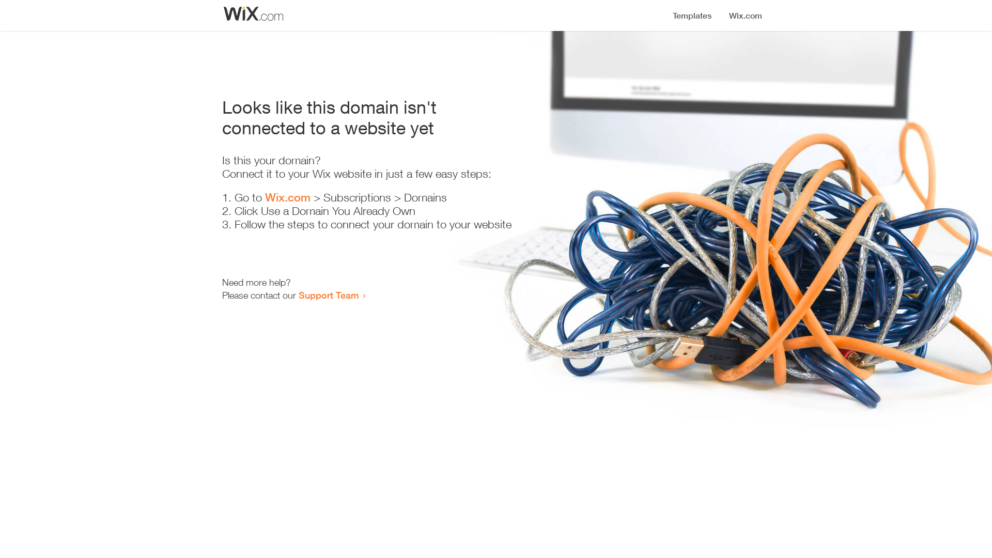 Image resolution: width=992 pixels, height=558 pixels. Describe the element at coordinates (328, 295) in the screenshot. I see `'Support Team'` at that location.